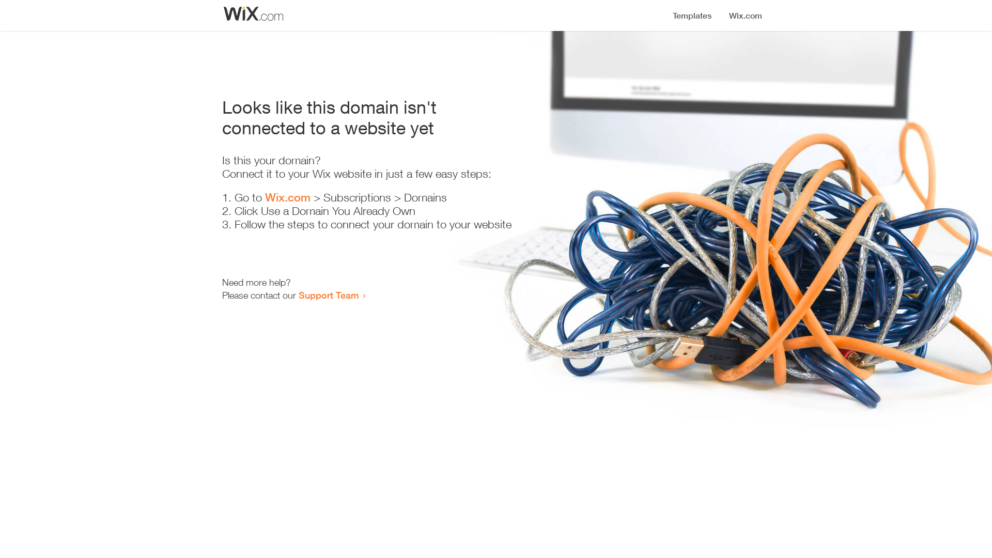 Image resolution: width=992 pixels, height=558 pixels. Describe the element at coordinates (328, 295) in the screenshot. I see `'Support Team'` at that location.